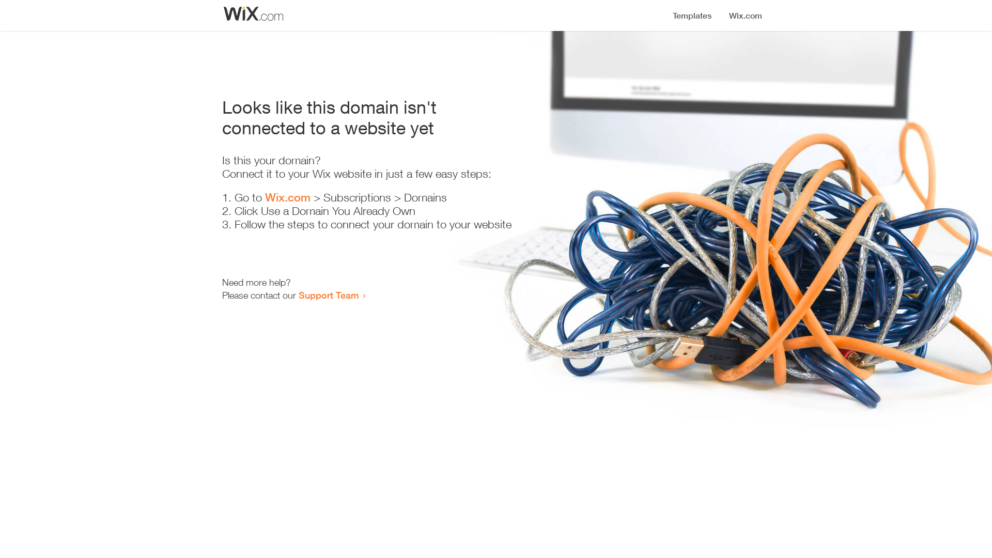 Image resolution: width=992 pixels, height=558 pixels. Describe the element at coordinates (328, 295) in the screenshot. I see `'Support Team'` at that location.